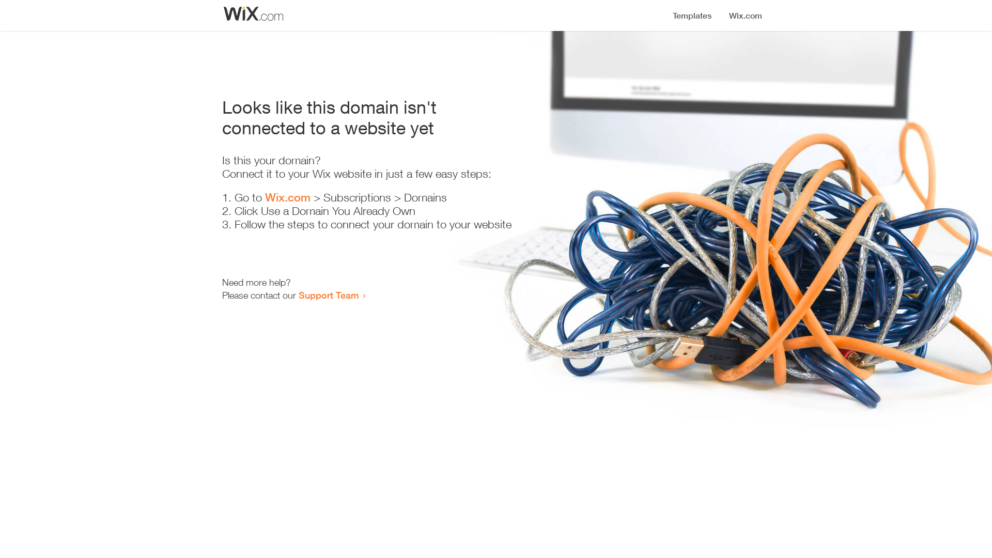 Image resolution: width=992 pixels, height=558 pixels. Describe the element at coordinates (328, 295) in the screenshot. I see `'Support Team'` at that location.